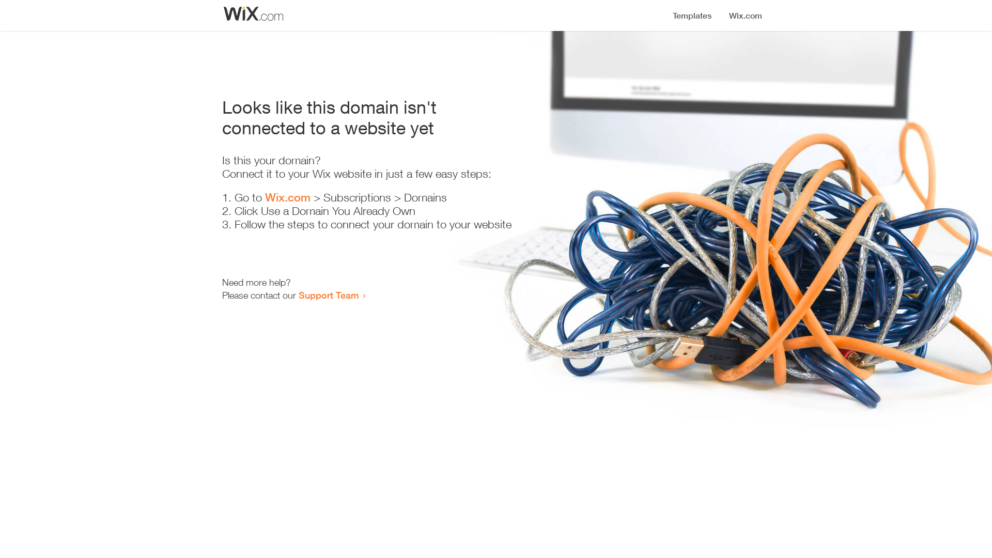 Image resolution: width=992 pixels, height=558 pixels. Describe the element at coordinates (328, 295) in the screenshot. I see `'Support Team'` at that location.